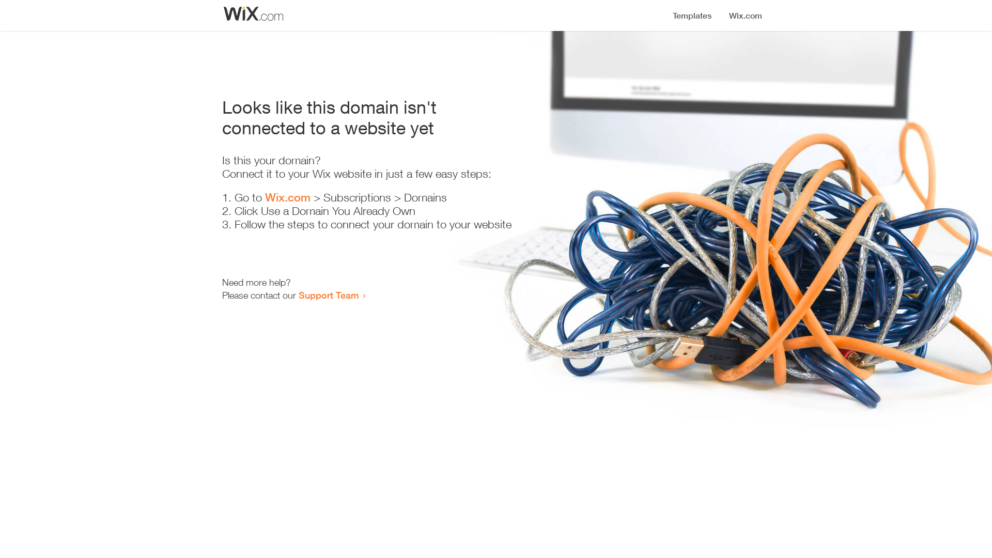 Image resolution: width=992 pixels, height=558 pixels. Describe the element at coordinates (328, 295) in the screenshot. I see `'Support Team'` at that location.